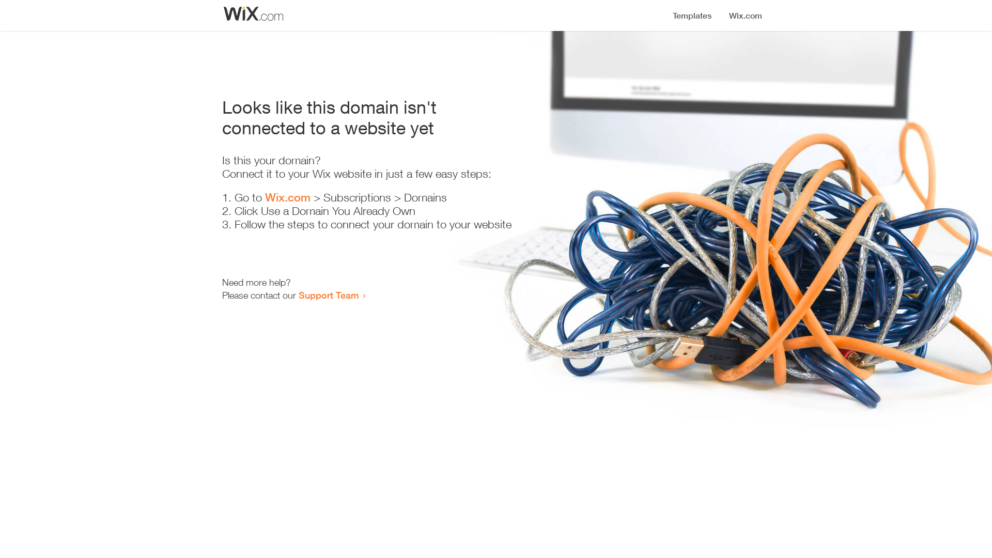 Image resolution: width=992 pixels, height=558 pixels. Describe the element at coordinates (328, 295) in the screenshot. I see `'Support Team'` at that location.